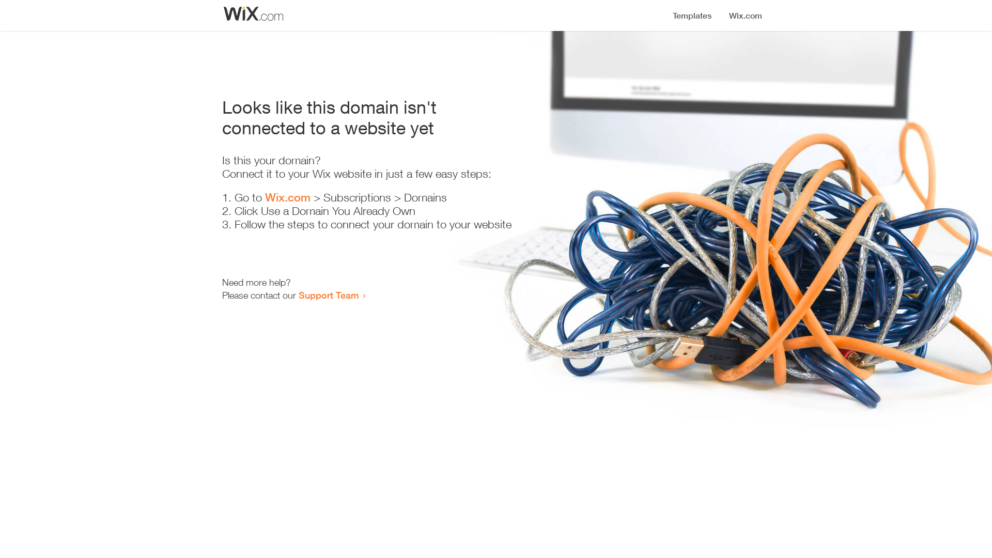 Image resolution: width=992 pixels, height=558 pixels. Describe the element at coordinates (328, 295) in the screenshot. I see `'Support Team'` at that location.